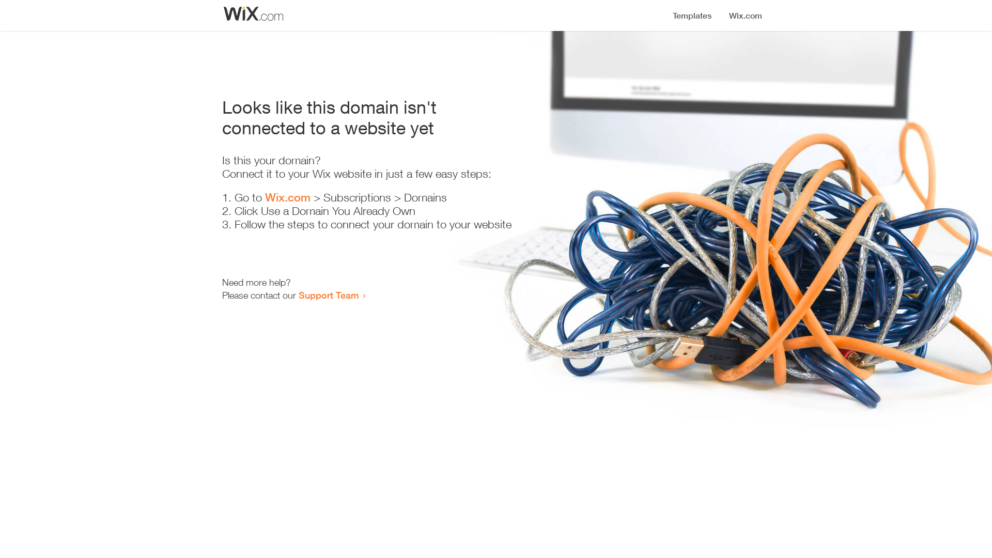 Image resolution: width=992 pixels, height=558 pixels. Describe the element at coordinates (328, 295) in the screenshot. I see `'Support Team'` at that location.